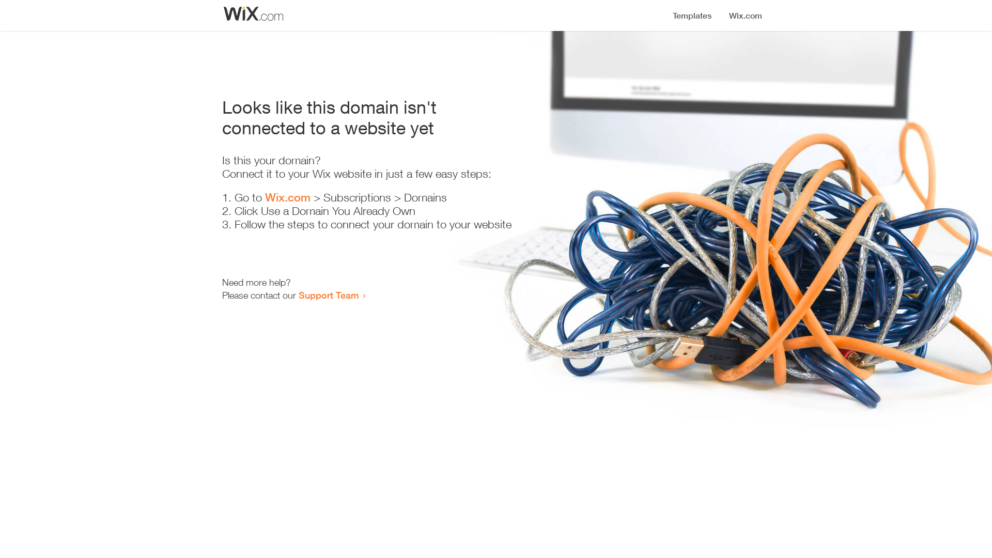 Image resolution: width=992 pixels, height=558 pixels. Describe the element at coordinates (328, 295) in the screenshot. I see `'Support Team'` at that location.